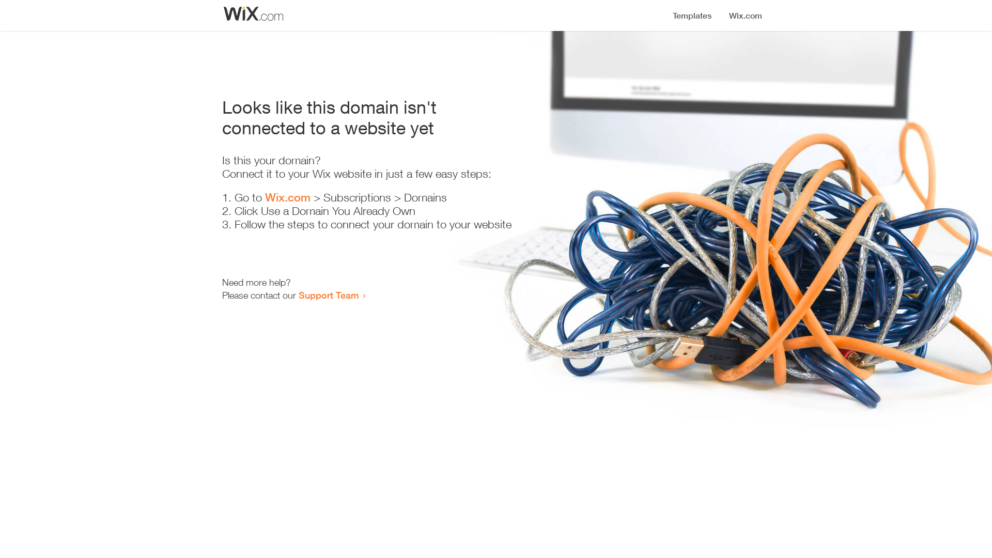 Image resolution: width=992 pixels, height=558 pixels. Describe the element at coordinates (328, 295) in the screenshot. I see `'Support Team'` at that location.